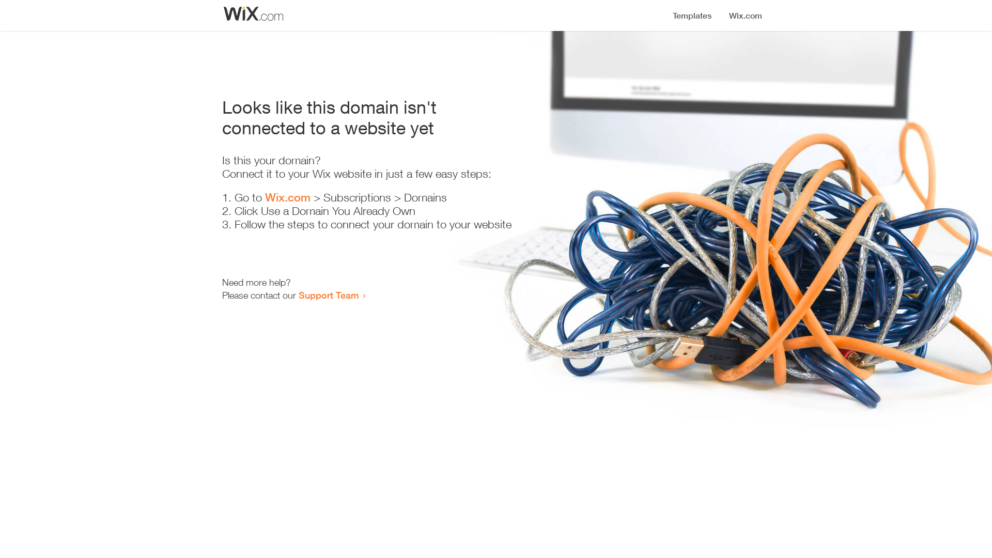 Image resolution: width=992 pixels, height=558 pixels. Describe the element at coordinates (328, 295) in the screenshot. I see `'Support Team'` at that location.